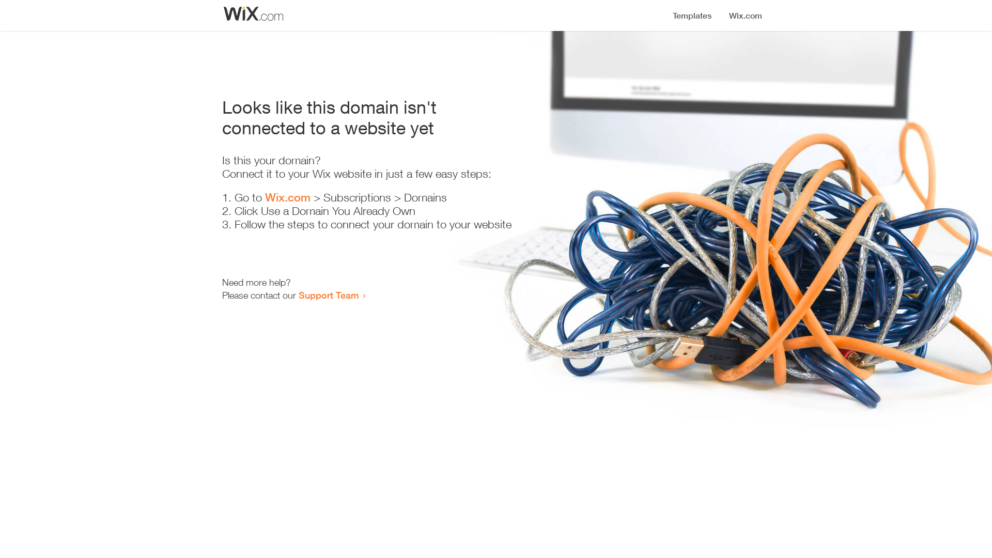 Image resolution: width=992 pixels, height=558 pixels. Describe the element at coordinates (328, 295) in the screenshot. I see `'Support Team'` at that location.